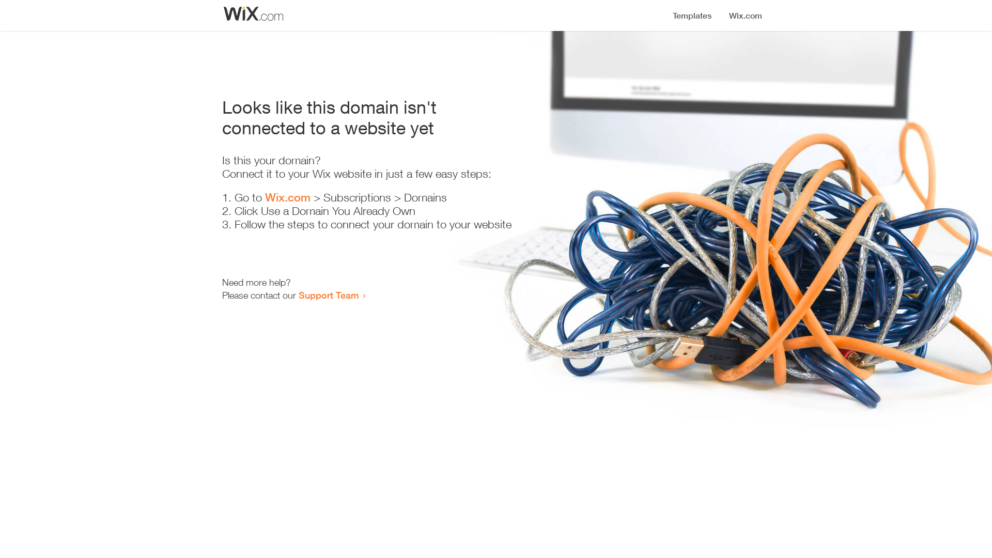 Image resolution: width=992 pixels, height=558 pixels. Describe the element at coordinates (328, 295) in the screenshot. I see `'Support Team'` at that location.